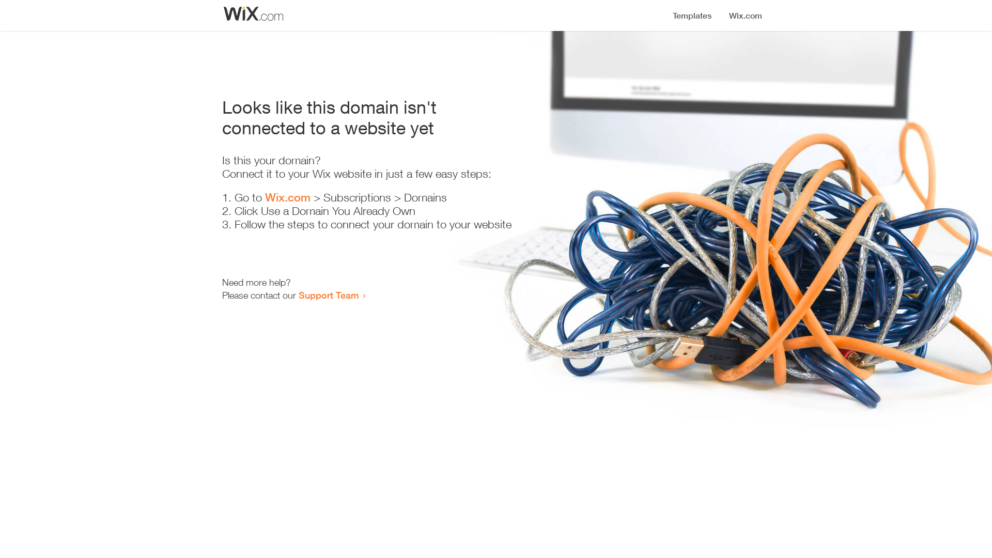 Image resolution: width=992 pixels, height=558 pixels. Describe the element at coordinates (328, 295) in the screenshot. I see `'Support Team'` at that location.